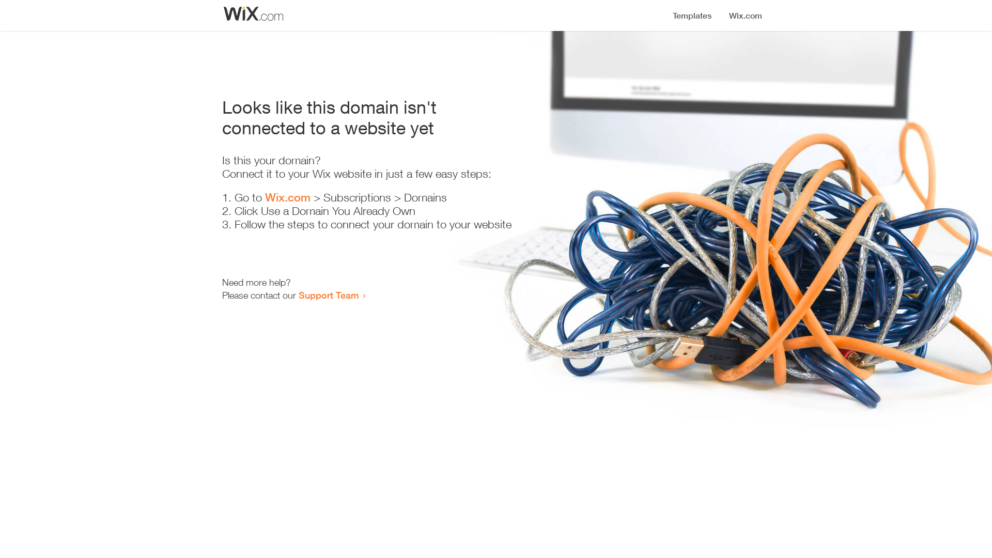 Image resolution: width=992 pixels, height=558 pixels. Describe the element at coordinates (328, 295) in the screenshot. I see `'Support Team'` at that location.